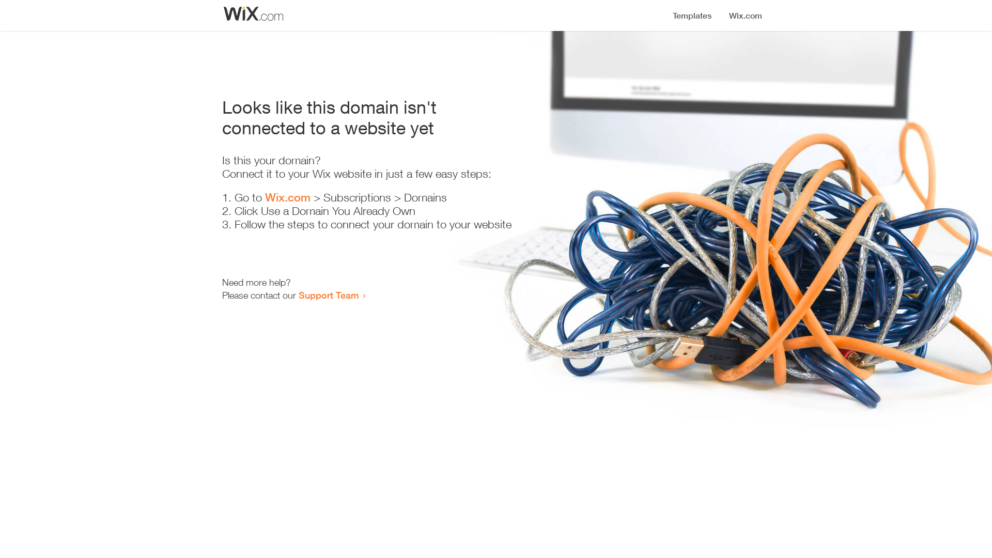 Image resolution: width=992 pixels, height=558 pixels. Describe the element at coordinates (328, 295) in the screenshot. I see `'Support Team'` at that location.